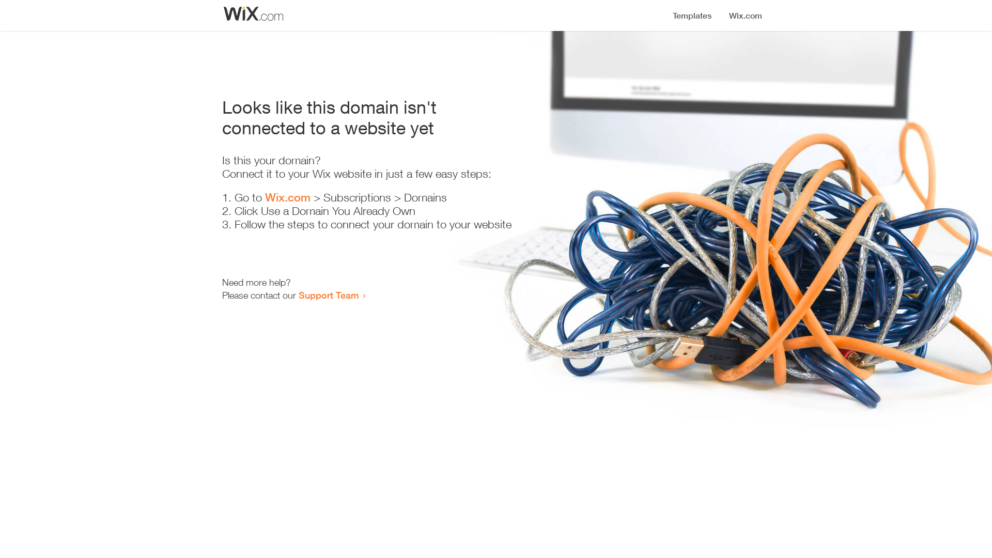 Image resolution: width=992 pixels, height=558 pixels. Describe the element at coordinates (328, 295) in the screenshot. I see `'Support Team'` at that location.